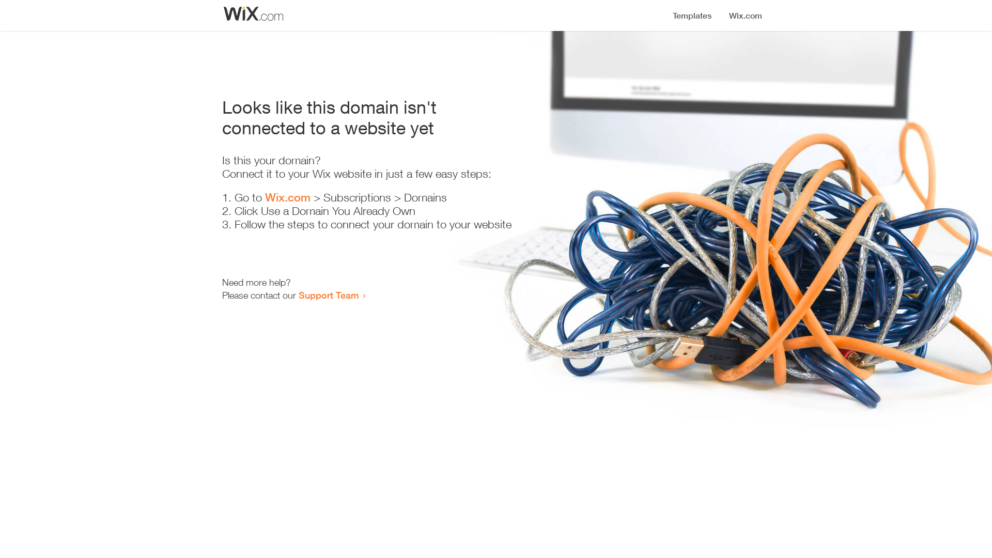 Image resolution: width=992 pixels, height=558 pixels. Describe the element at coordinates (328, 295) in the screenshot. I see `'Support Team'` at that location.